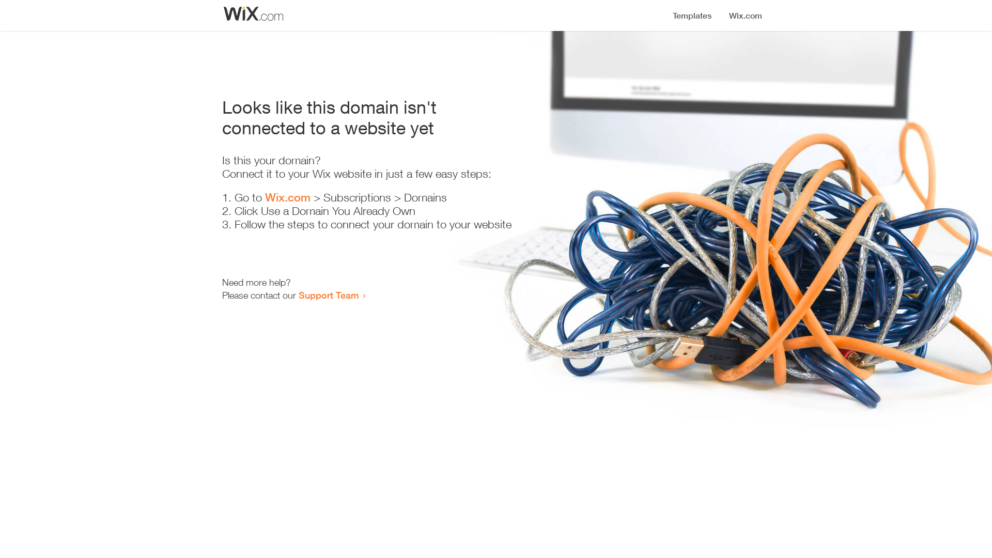 Image resolution: width=992 pixels, height=558 pixels. Describe the element at coordinates (328, 295) in the screenshot. I see `'Support Team'` at that location.